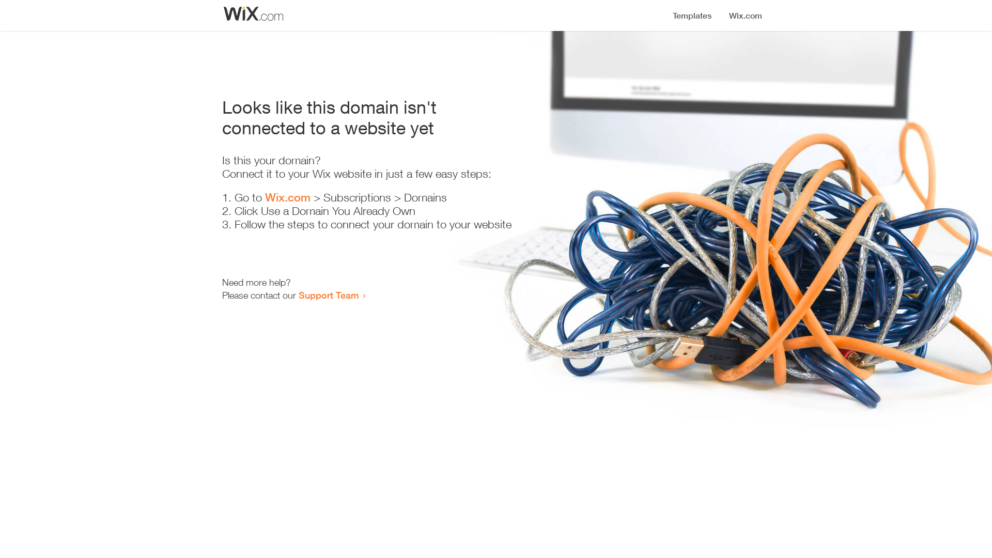 Image resolution: width=992 pixels, height=558 pixels. Describe the element at coordinates (328, 295) in the screenshot. I see `'Support Team'` at that location.